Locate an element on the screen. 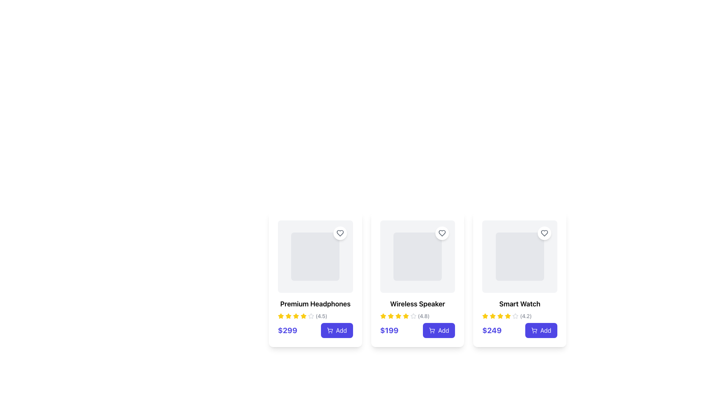 This screenshot has width=725, height=407. the second star icon in the rating feature for the 'Wireless Speaker', which is a vivid yellow five-pointed star located below the product image and title is located at coordinates (390, 316).